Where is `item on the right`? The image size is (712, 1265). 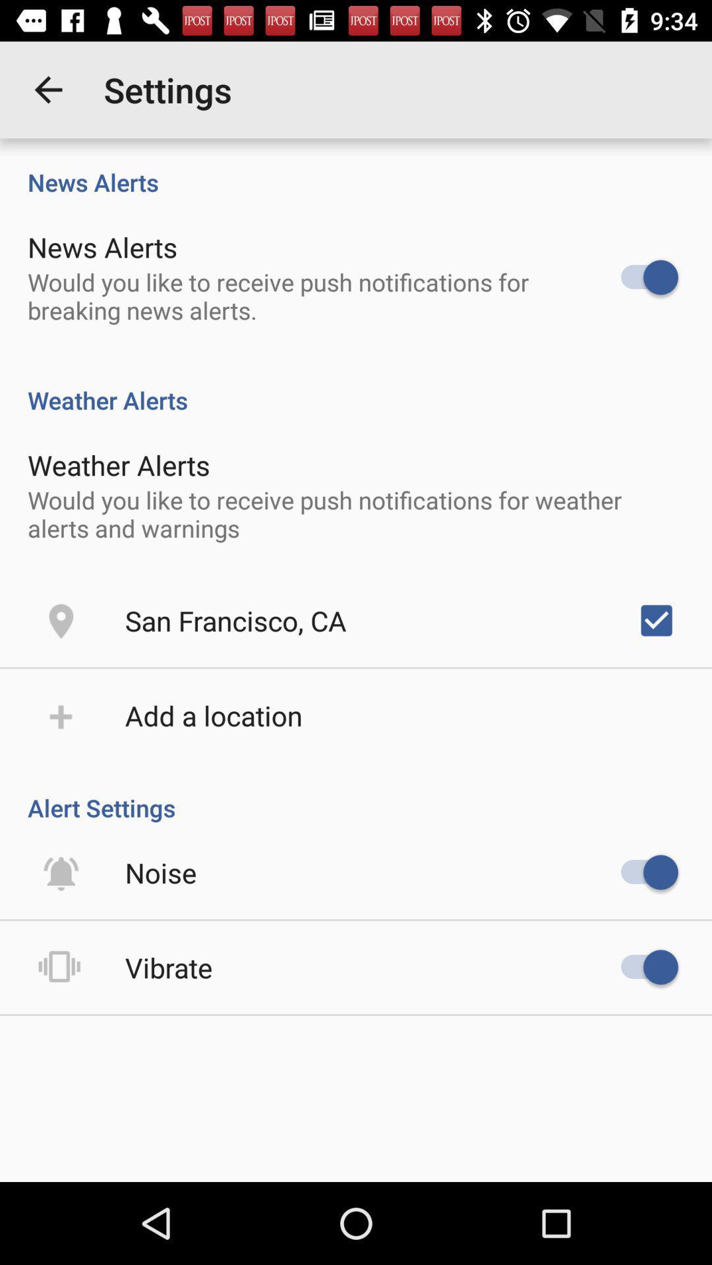
item on the right is located at coordinates (656, 619).